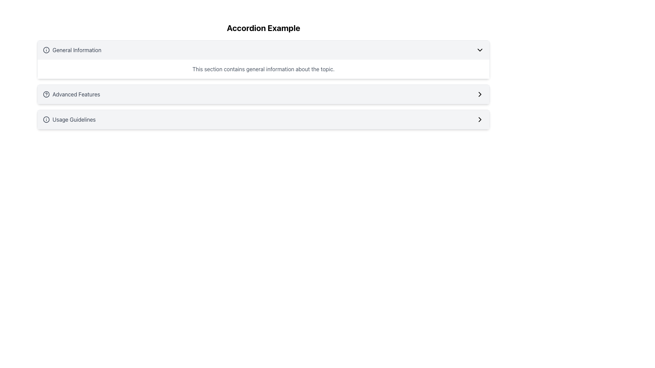  I want to click on the chevron button located at the far-right side of the 'Advanced Features' section, so click(479, 94).